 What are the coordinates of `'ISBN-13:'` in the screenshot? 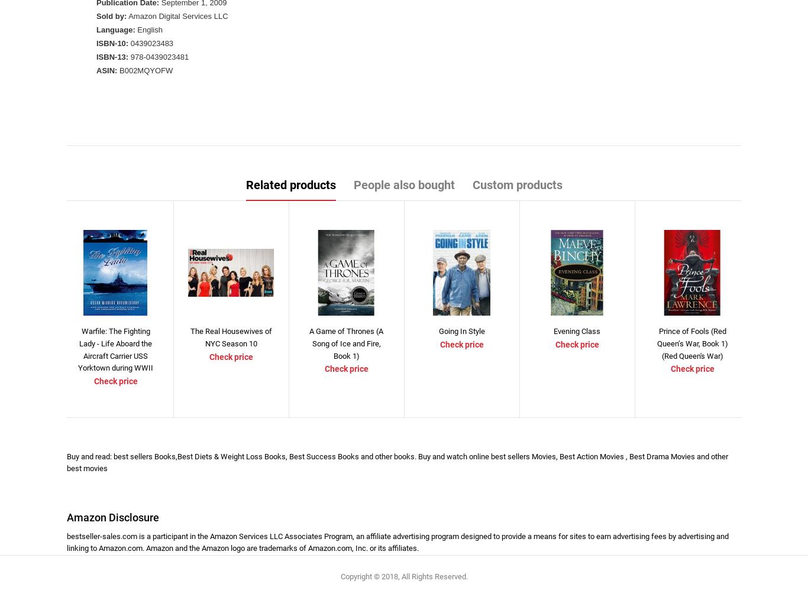 It's located at (112, 56).